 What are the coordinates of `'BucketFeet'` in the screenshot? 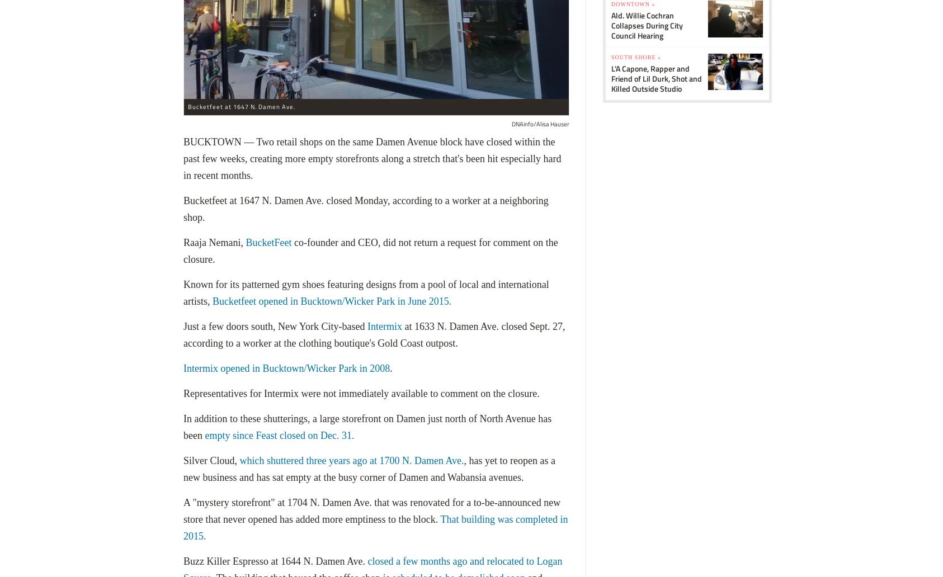 It's located at (268, 242).